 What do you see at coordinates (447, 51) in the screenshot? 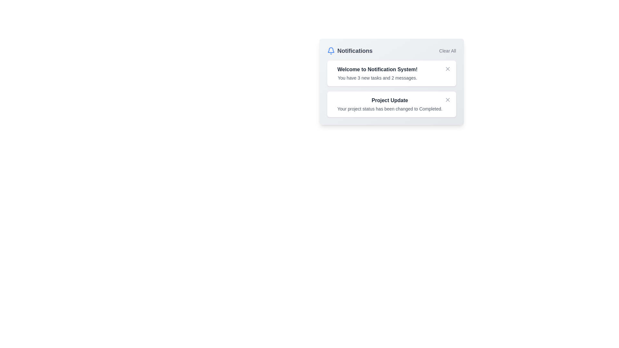
I see `the 'Clear All' button, which is a small gray text button located at the top right of the notification management interface, to clear all notifications` at bounding box center [447, 51].